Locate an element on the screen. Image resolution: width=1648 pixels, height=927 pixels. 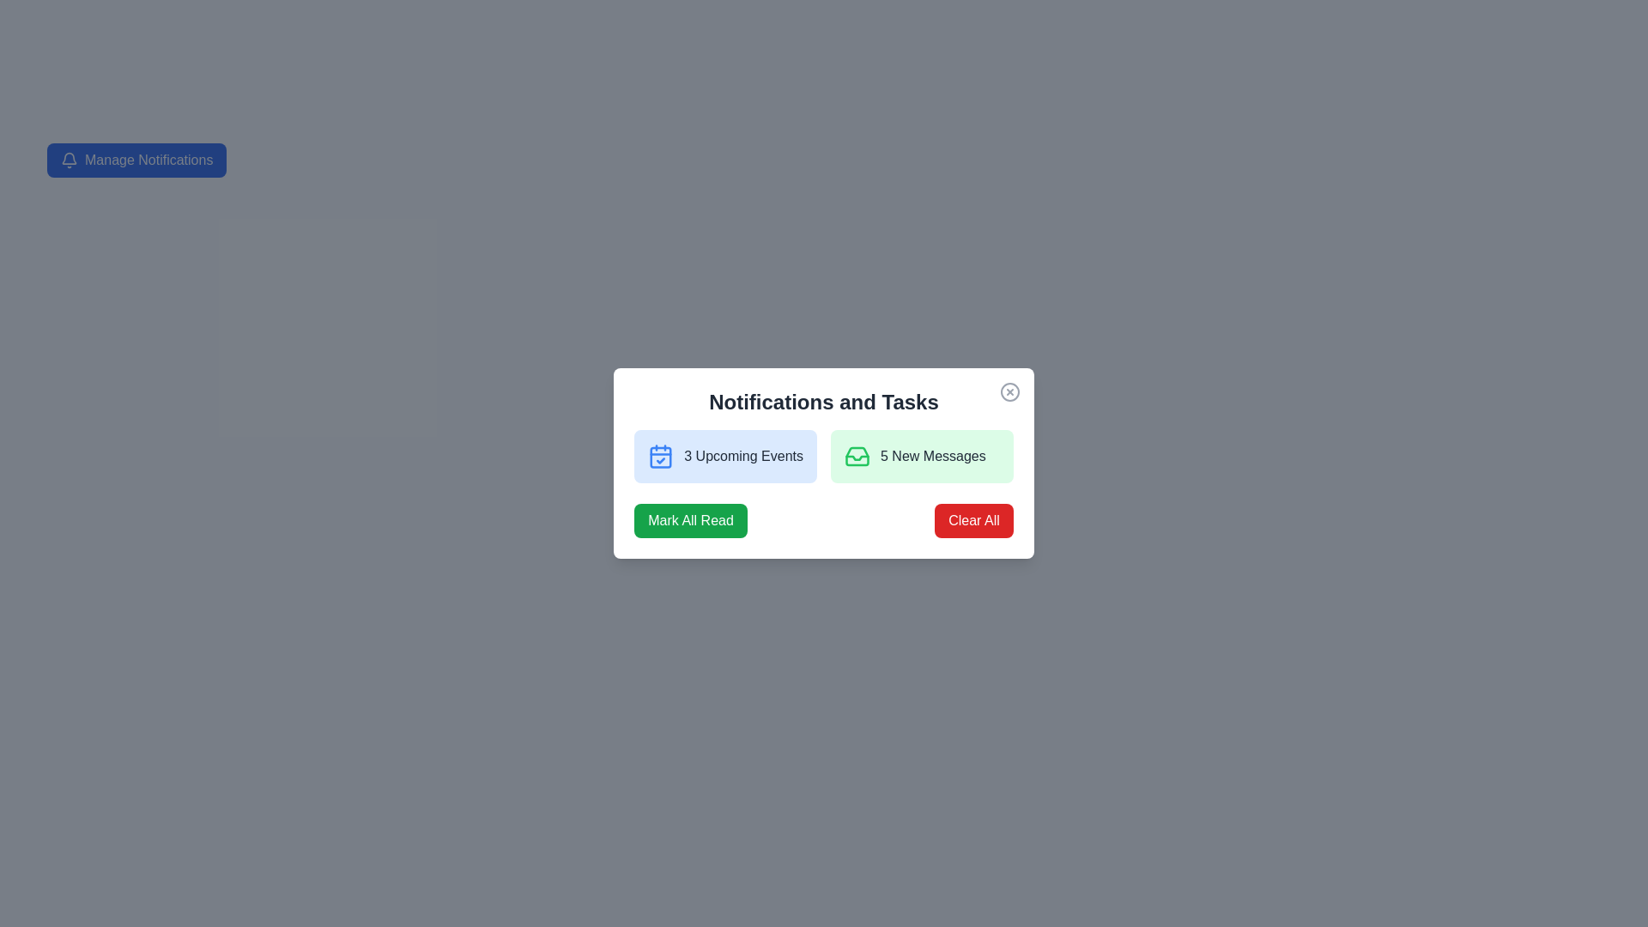
the calendar icon with a checkmark, which is blue and placed to the left of the text '3 Upcoming Events' in the notification section of the 'Notifications and Tasks' card is located at coordinates (660, 456).